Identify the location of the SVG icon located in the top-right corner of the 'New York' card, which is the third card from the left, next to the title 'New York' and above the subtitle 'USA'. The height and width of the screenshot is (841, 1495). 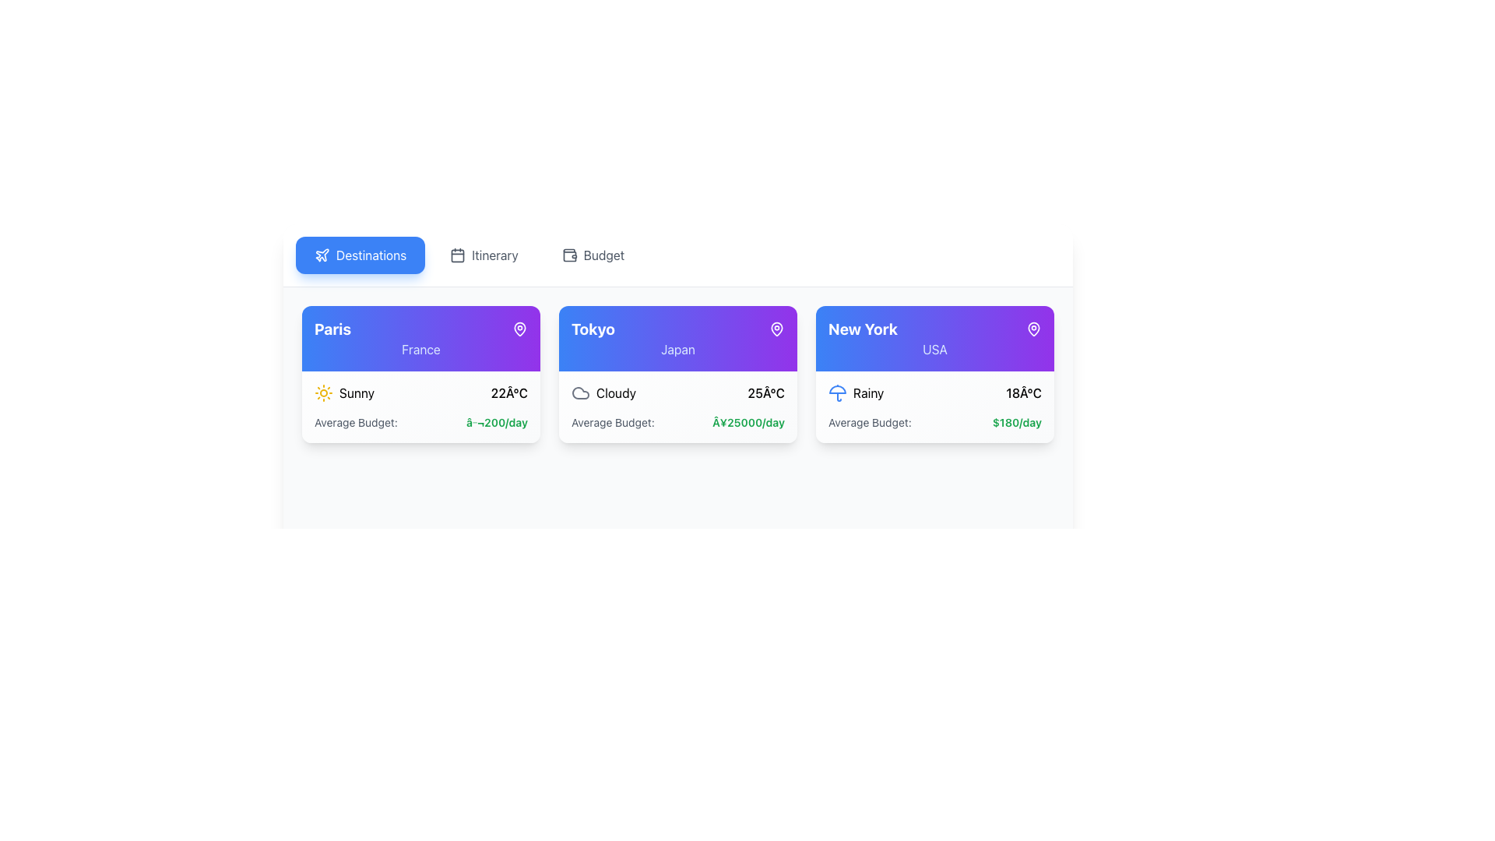
(1034, 329).